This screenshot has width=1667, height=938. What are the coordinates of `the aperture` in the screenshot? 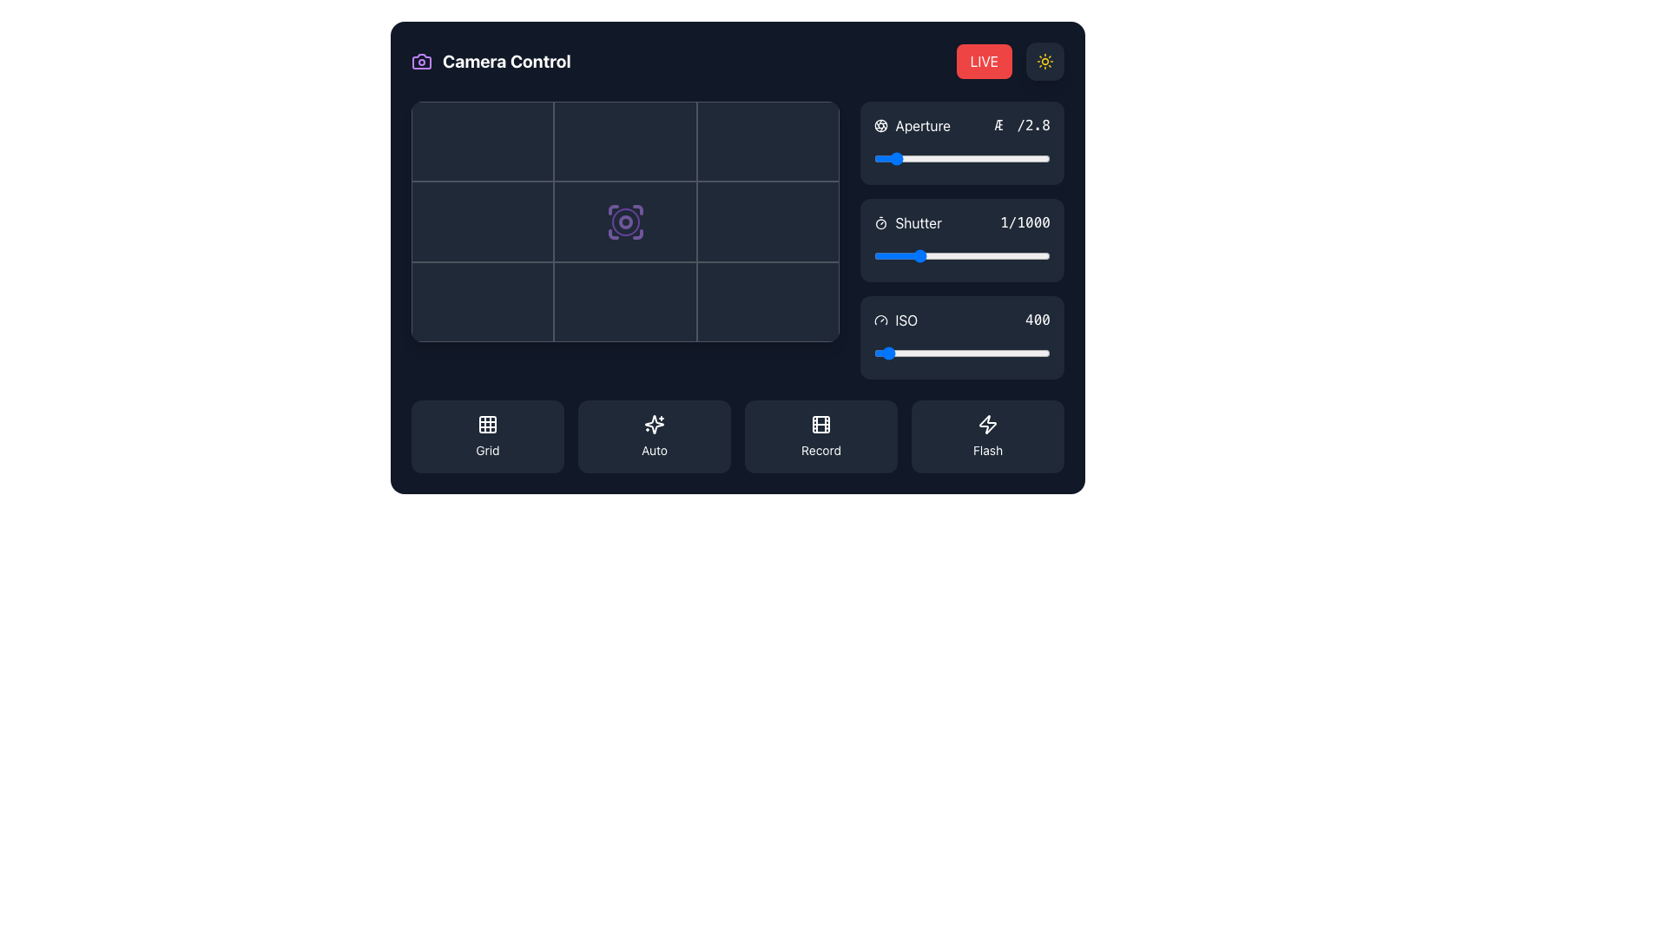 It's located at (953, 158).